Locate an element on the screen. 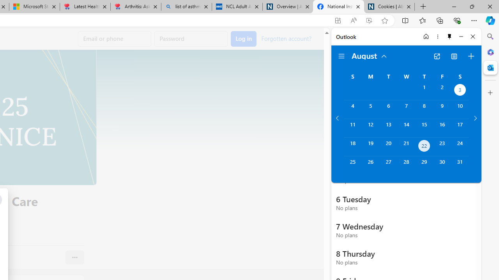 This screenshot has height=280, width=499. 'Friday, August 9, 2024. ' is located at coordinates (442, 109).